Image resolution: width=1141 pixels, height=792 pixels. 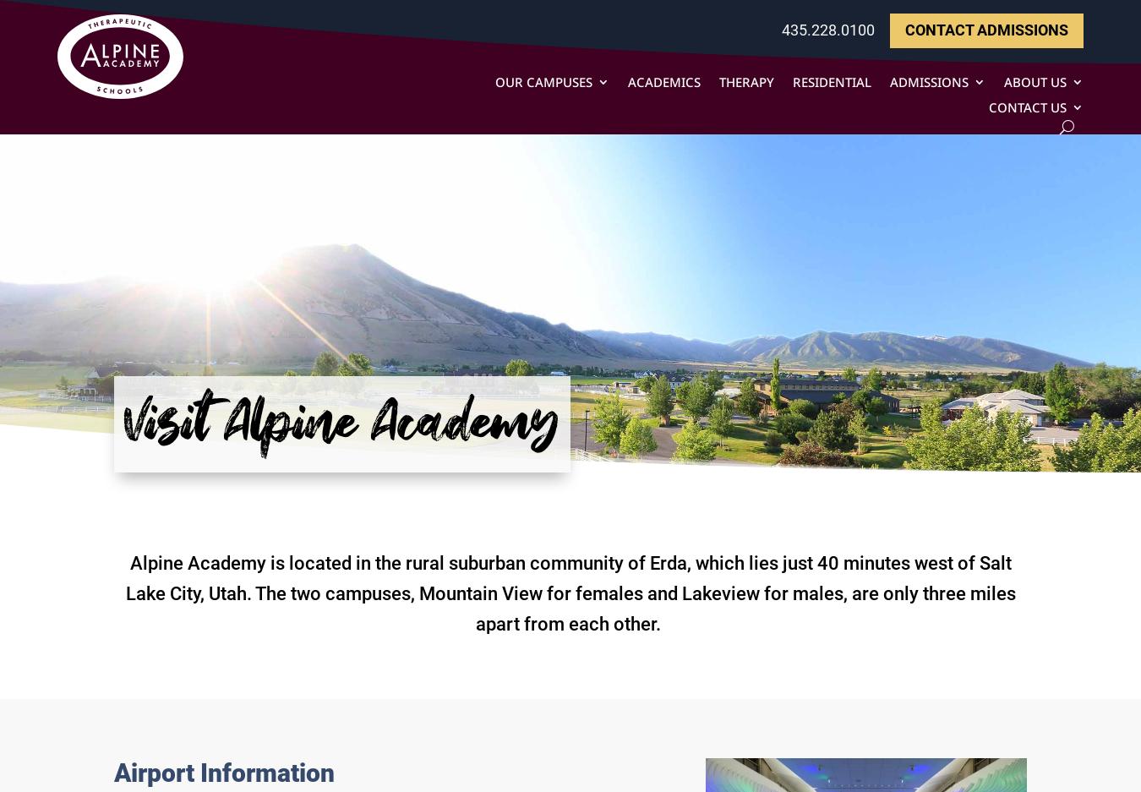 I want to click on 'News & Events', so click(x=1062, y=188).